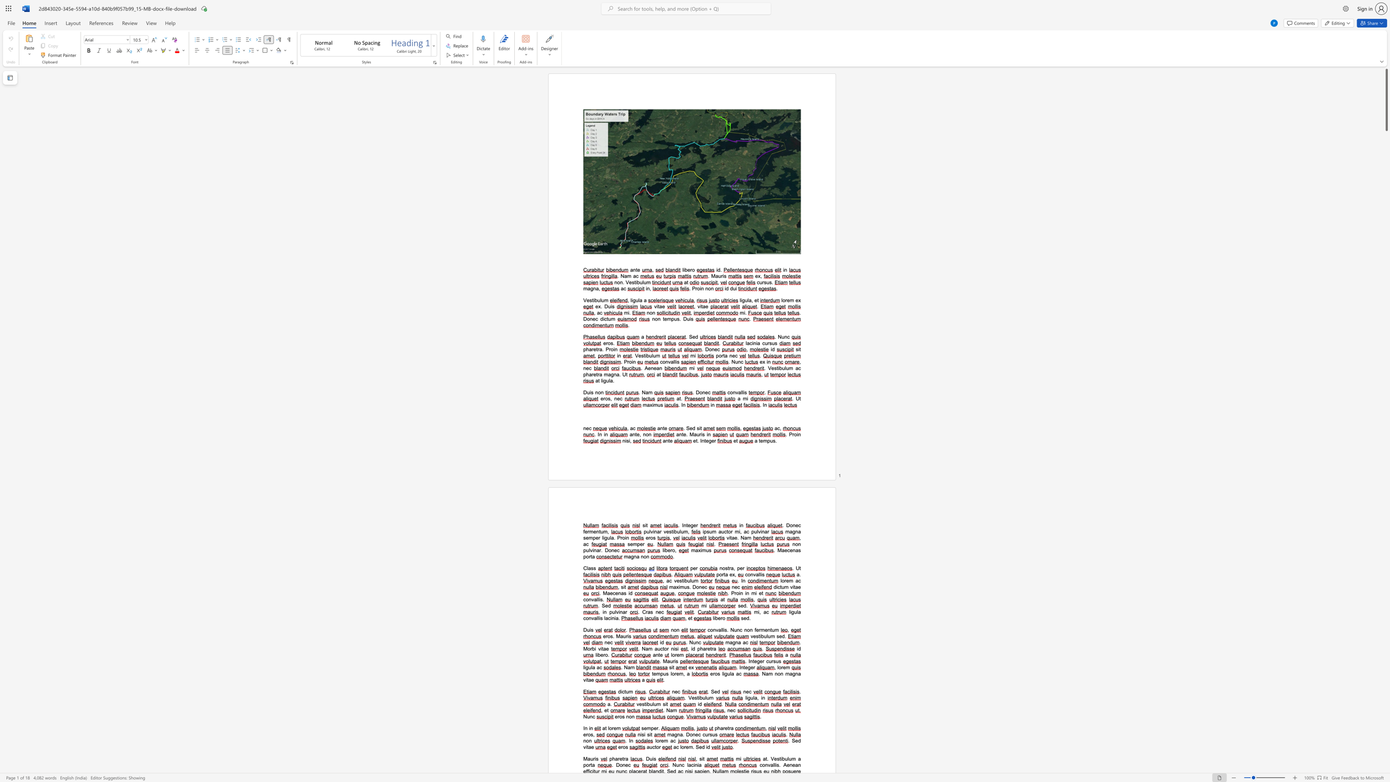 The image size is (1390, 782). What do you see at coordinates (649, 355) in the screenshot?
I see `the space between the continuous character "b" and "u" in the text` at bounding box center [649, 355].